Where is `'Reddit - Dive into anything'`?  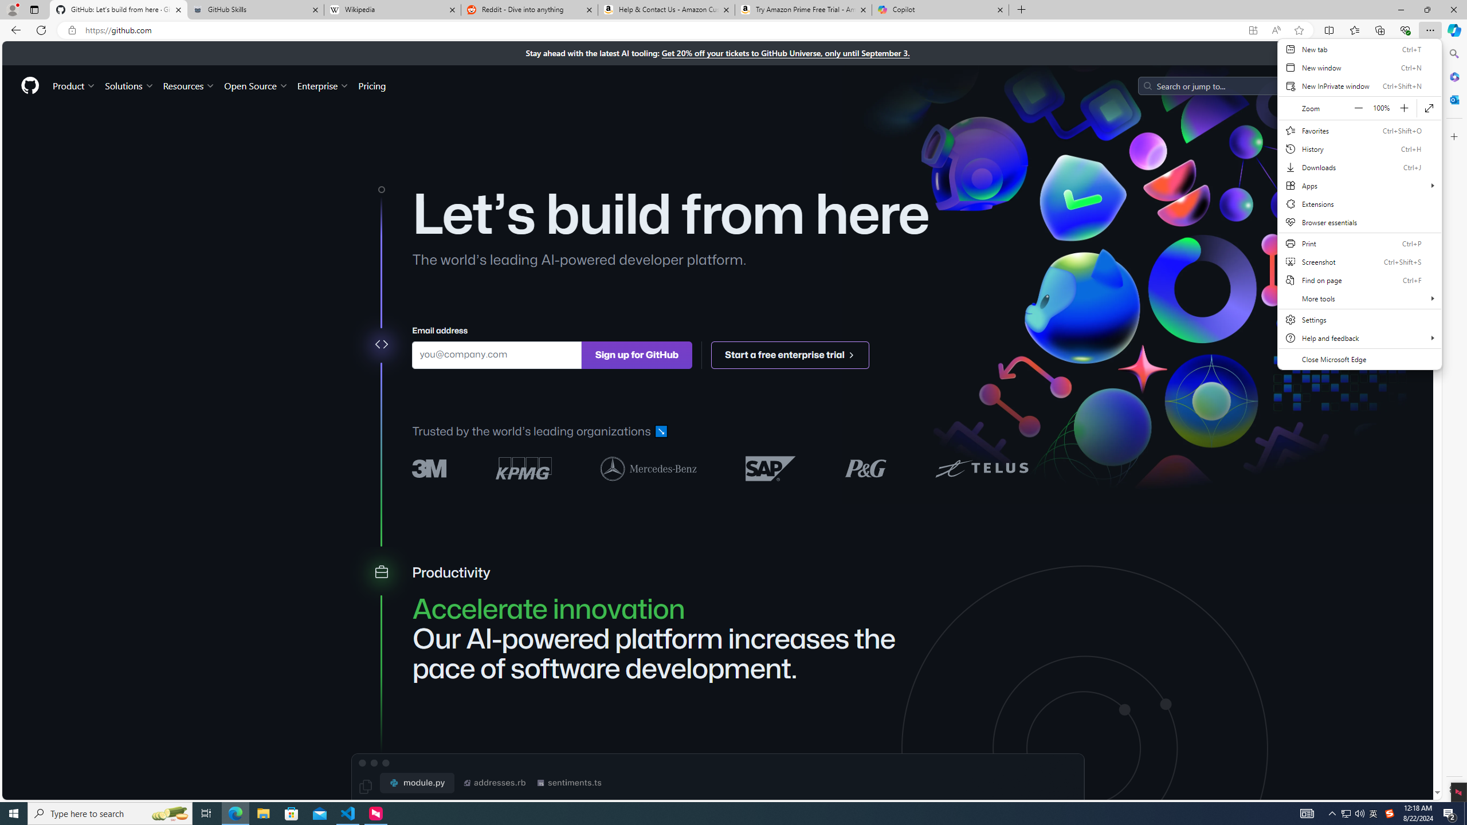
'Reddit - Dive into anything' is located at coordinates (529, 9).